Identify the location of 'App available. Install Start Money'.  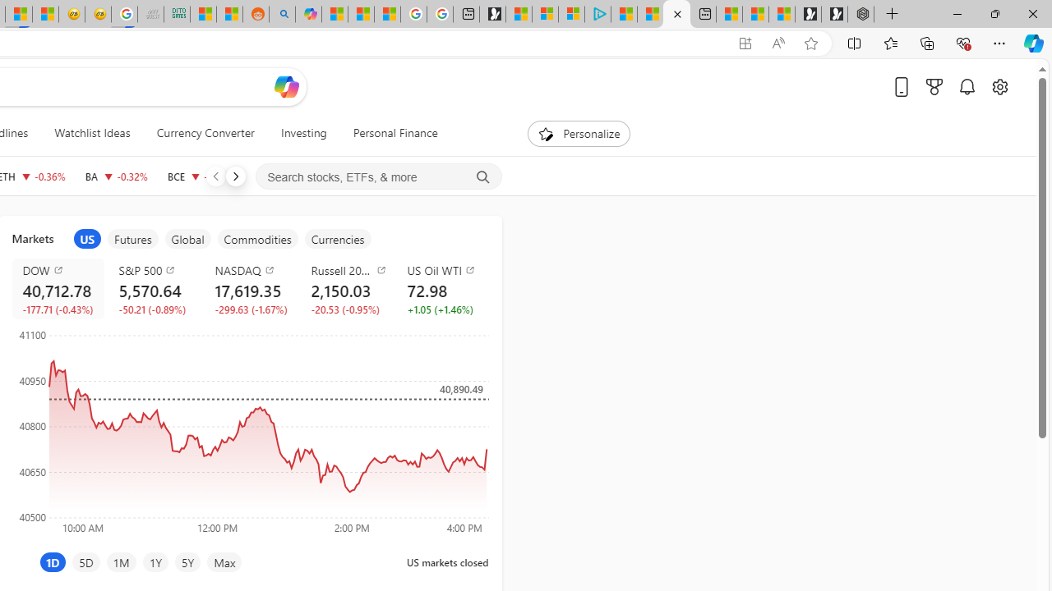
(744, 43).